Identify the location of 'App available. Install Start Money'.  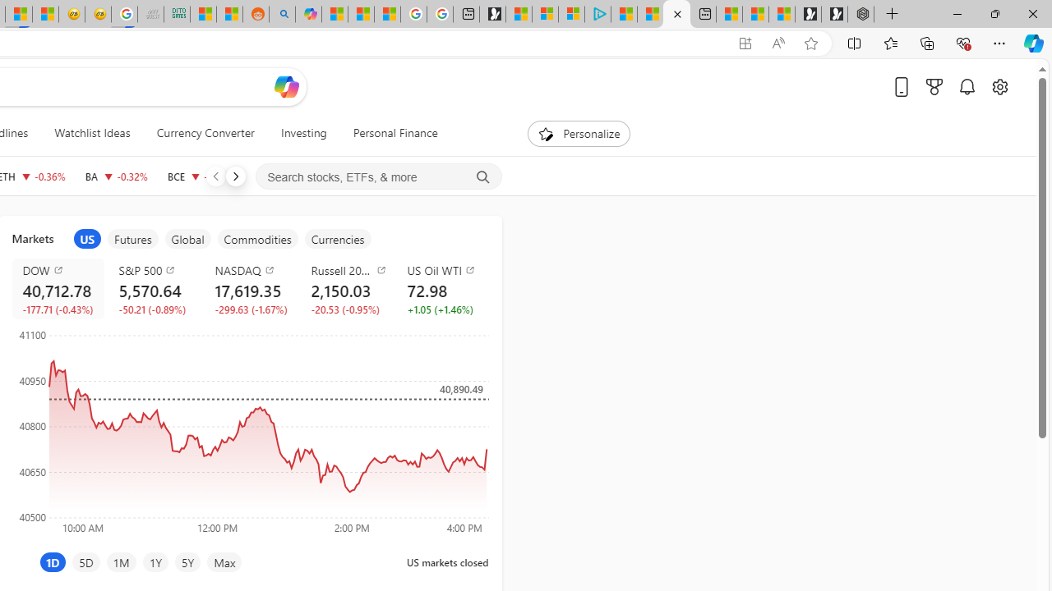
(744, 43).